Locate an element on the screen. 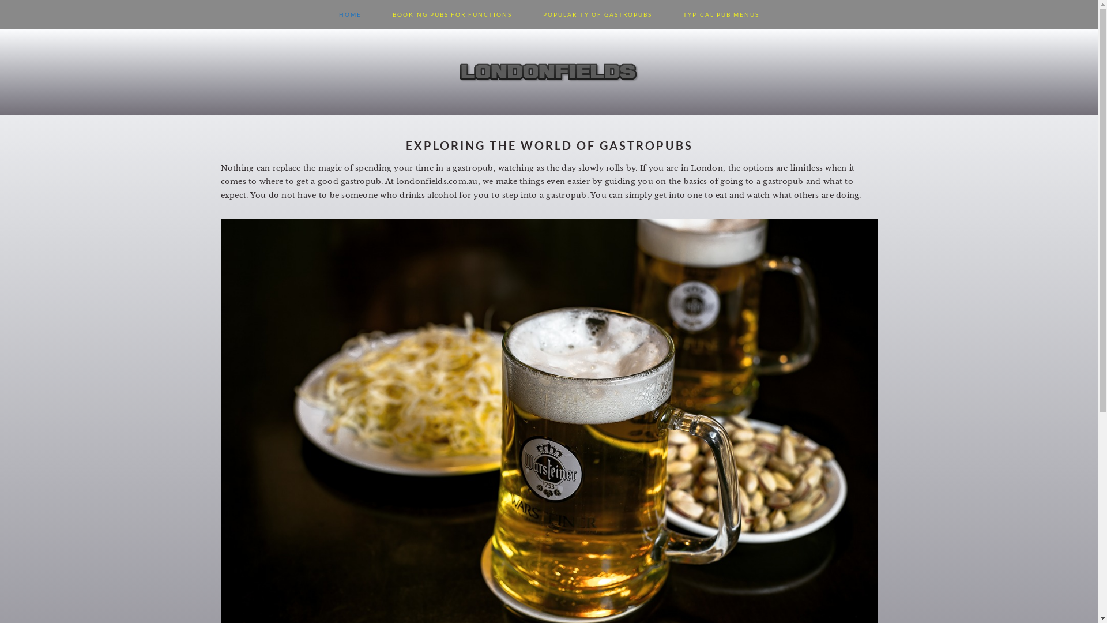 This screenshot has height=623, width=1107. 'POPULARITY OF GASTROPUBS' is located at coordinates (528, 14).